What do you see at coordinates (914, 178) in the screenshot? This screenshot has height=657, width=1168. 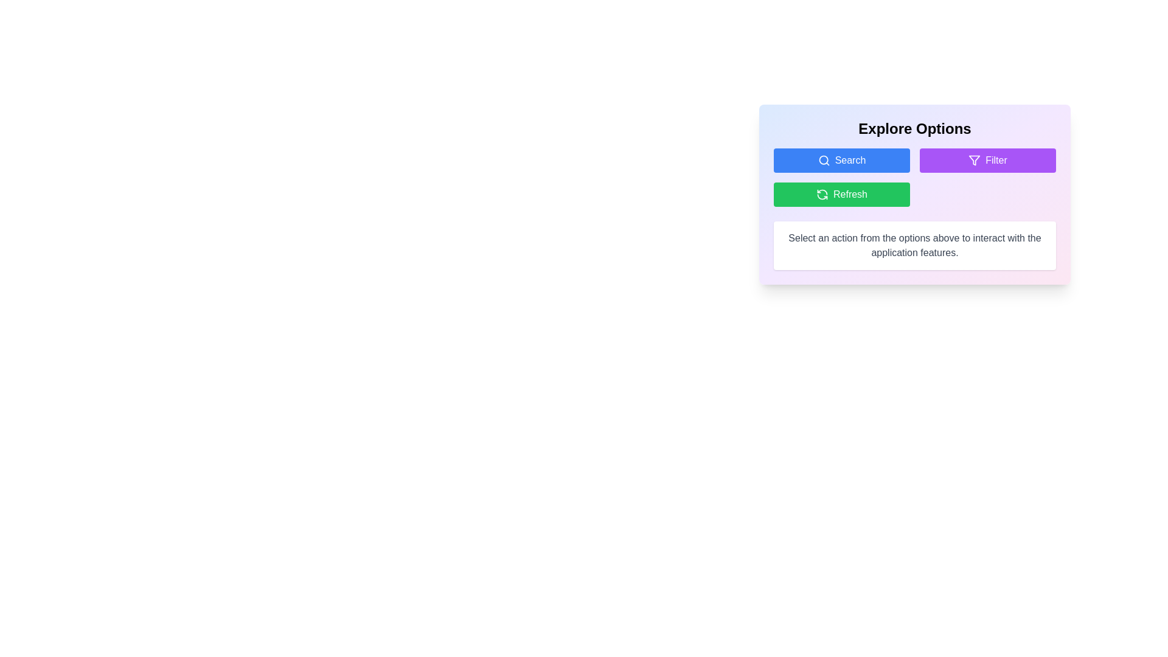 I see `the buttons in the grid containing action buttons labeled 'Search', 'Filter', and 'Refresh' located below the header 'Explore Options'` at bounding box center [914, 178].